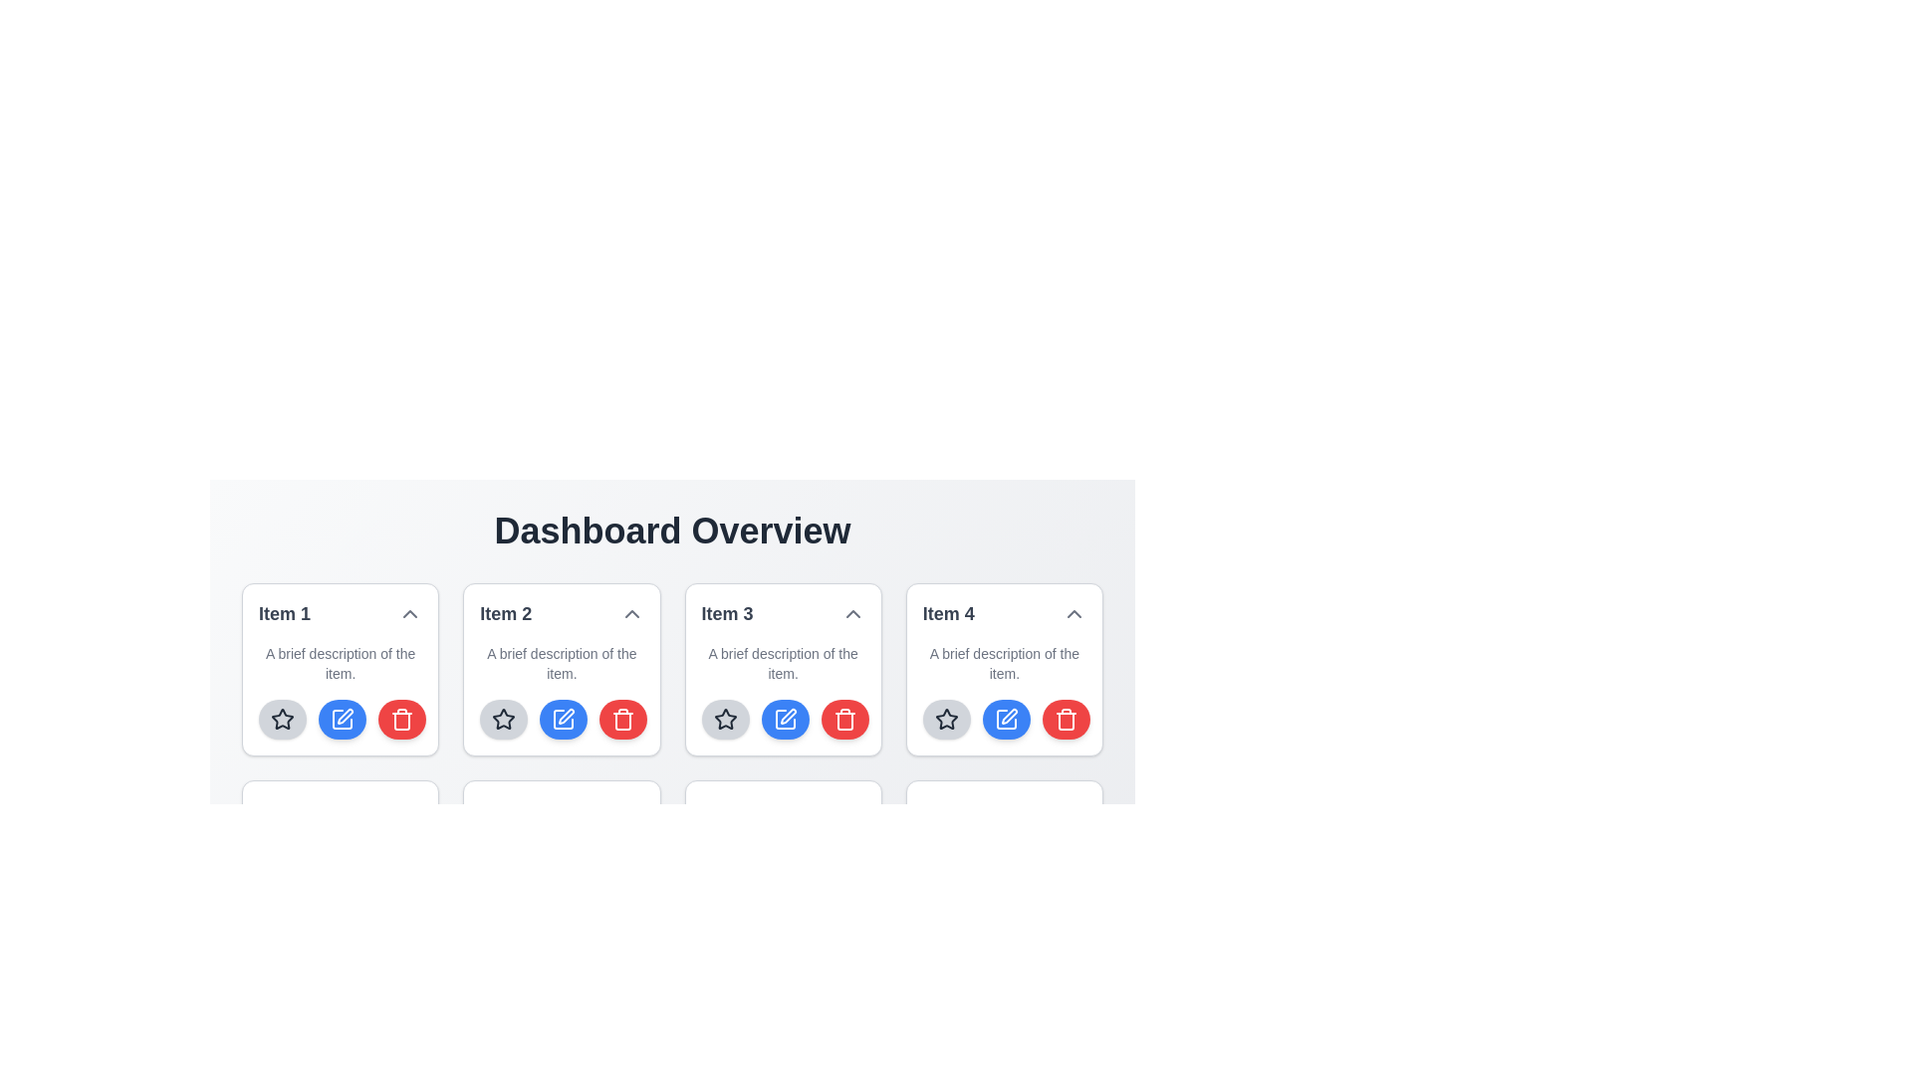 The image size is (1912, 1075). I want to click on the edit button associated with 'Item 2', which is the second button in a row of three action buttons located at the bottom, so click(561, 719).